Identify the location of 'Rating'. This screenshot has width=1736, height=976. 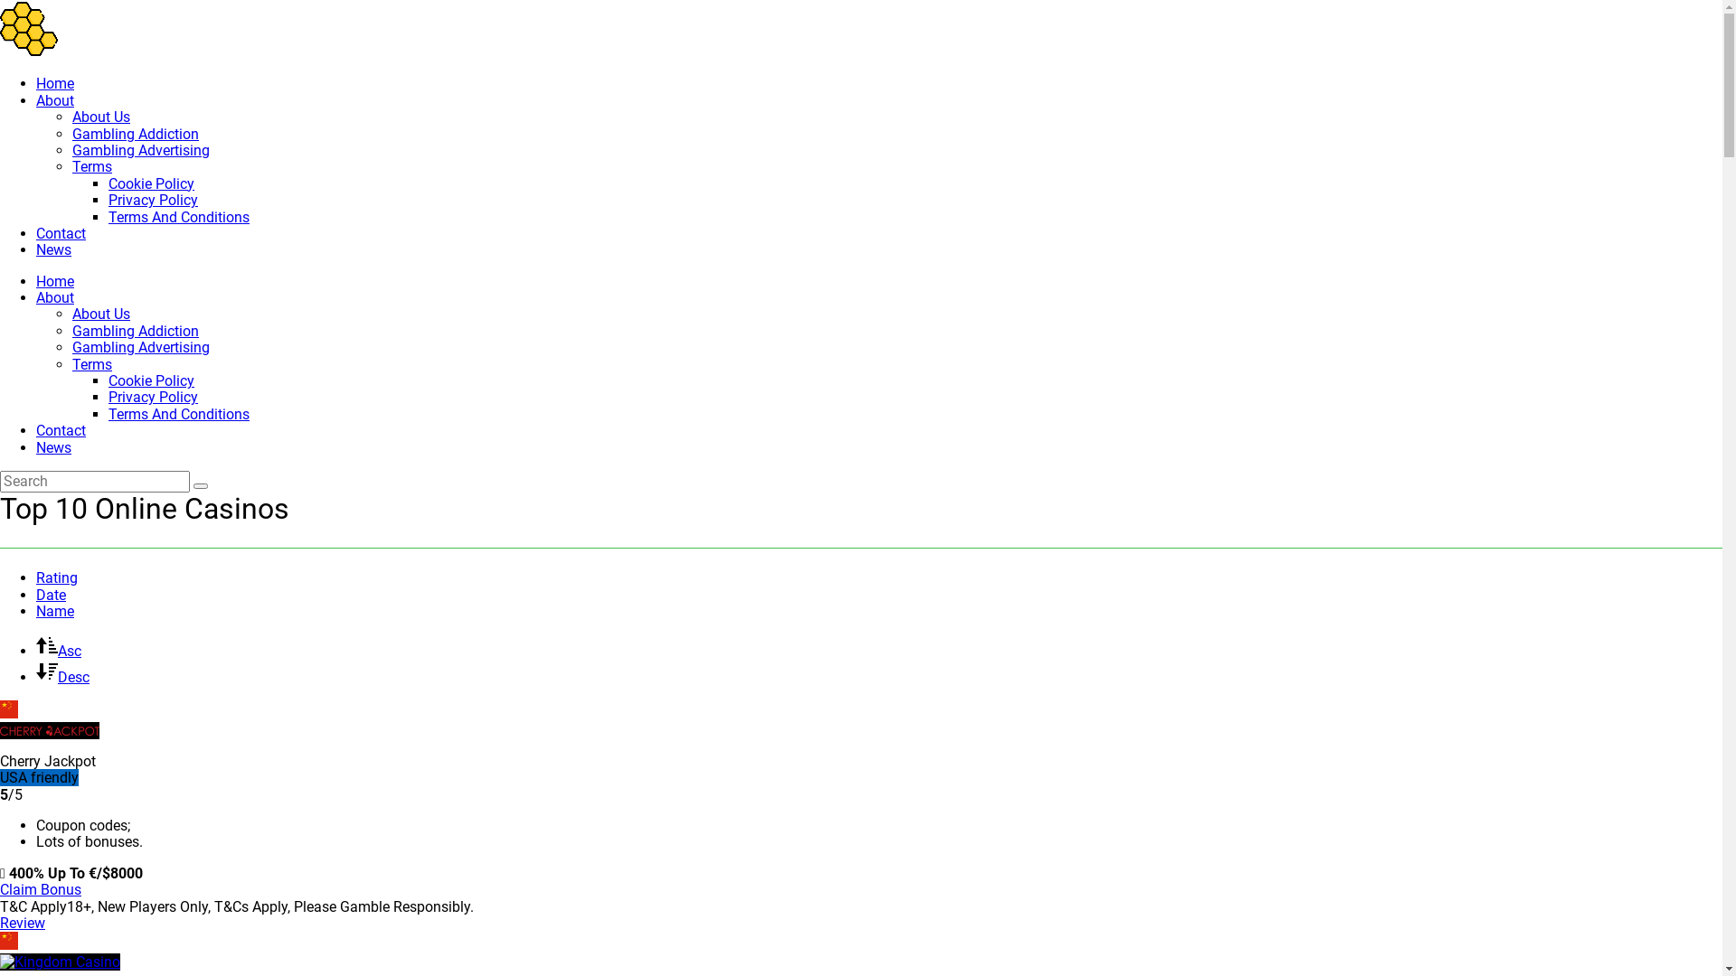
(56, 577).